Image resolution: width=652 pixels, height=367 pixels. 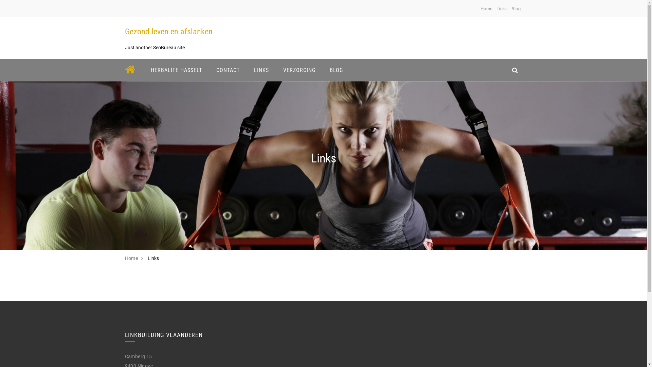 I want to click on 'CONTACT', so click(x=228, y=70).